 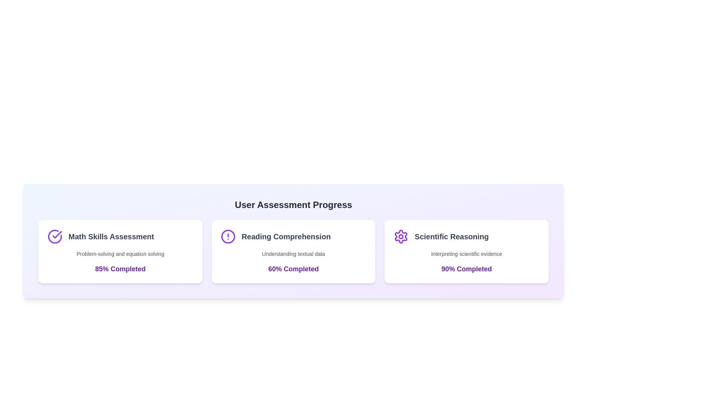 I want to click on the 'Scientific Reasoning' text label located at the top section of the card in the third column of the grid layout, so click(x=466, y=236).